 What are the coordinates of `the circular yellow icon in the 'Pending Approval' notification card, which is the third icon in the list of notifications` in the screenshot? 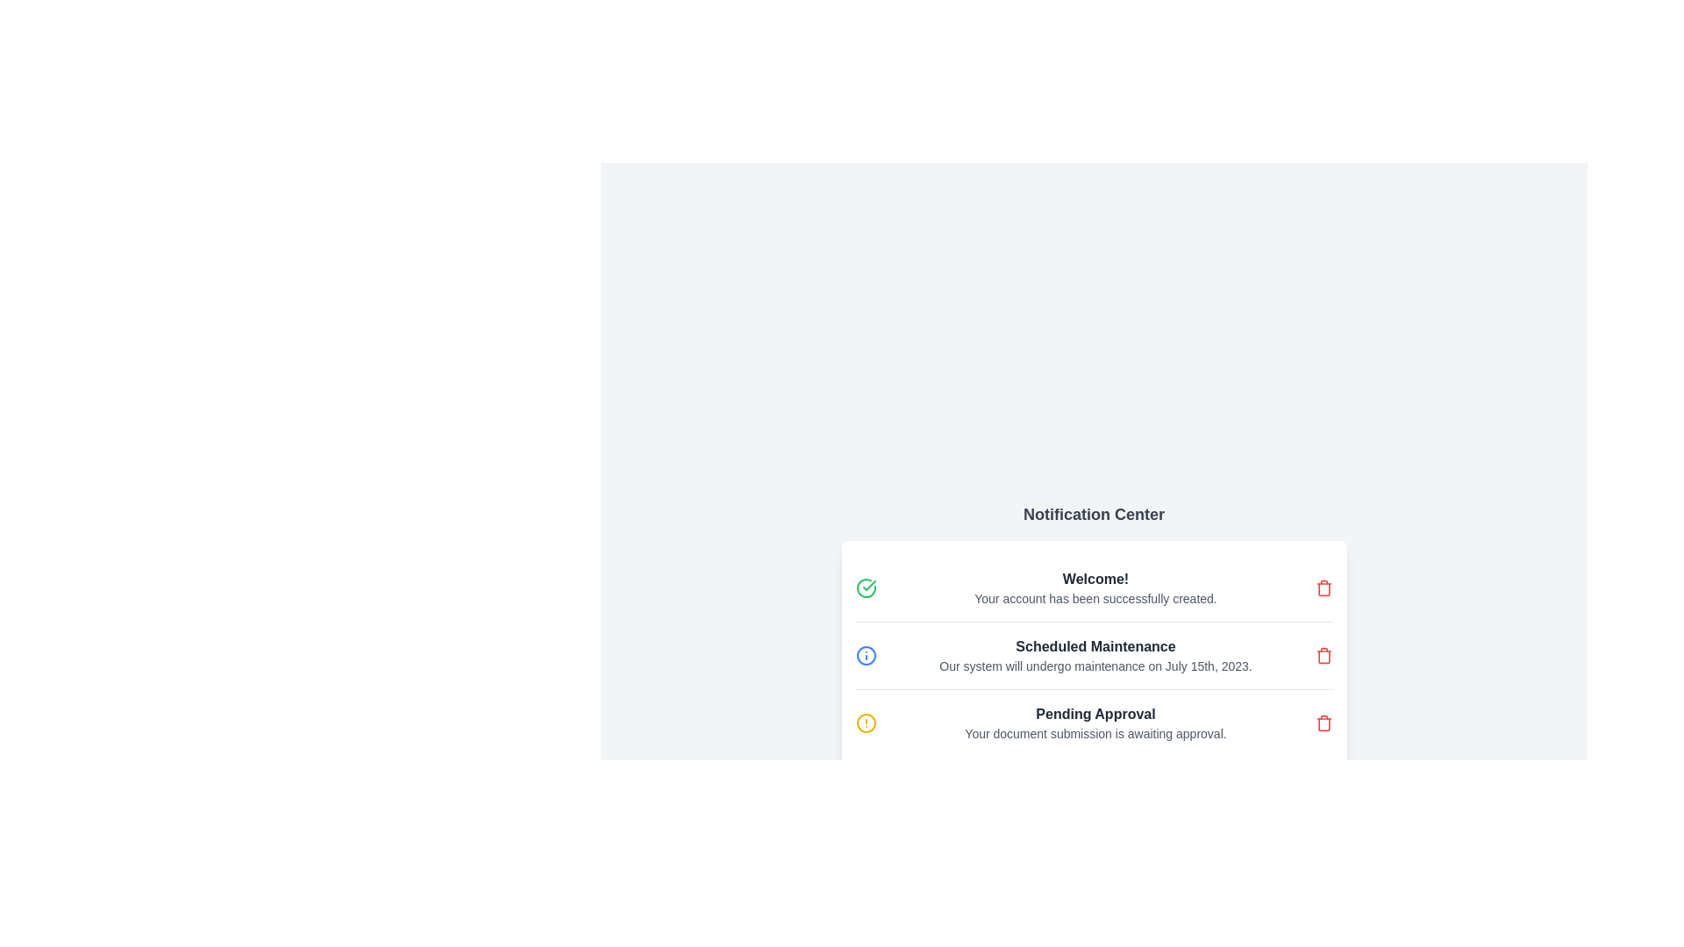 It's located at (866, 723).